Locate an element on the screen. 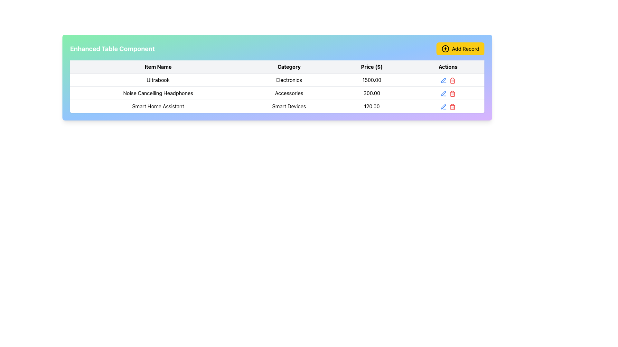 This screenshot has width=618, height=347. the 'Actions' text label in the header of the table, which indicates action-related controls for the items listed is located at coordinates (448, 67).